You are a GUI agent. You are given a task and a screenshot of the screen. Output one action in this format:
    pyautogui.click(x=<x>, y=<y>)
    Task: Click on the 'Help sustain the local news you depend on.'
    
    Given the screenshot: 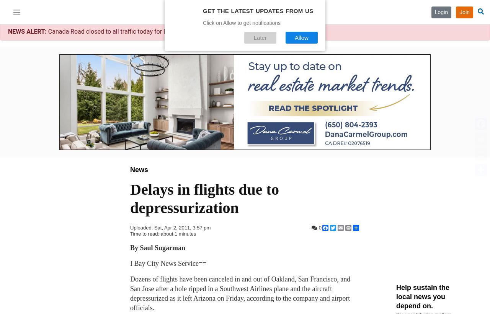 What is the action you would take?
    pyautogui.click(x=422, y=296)
    